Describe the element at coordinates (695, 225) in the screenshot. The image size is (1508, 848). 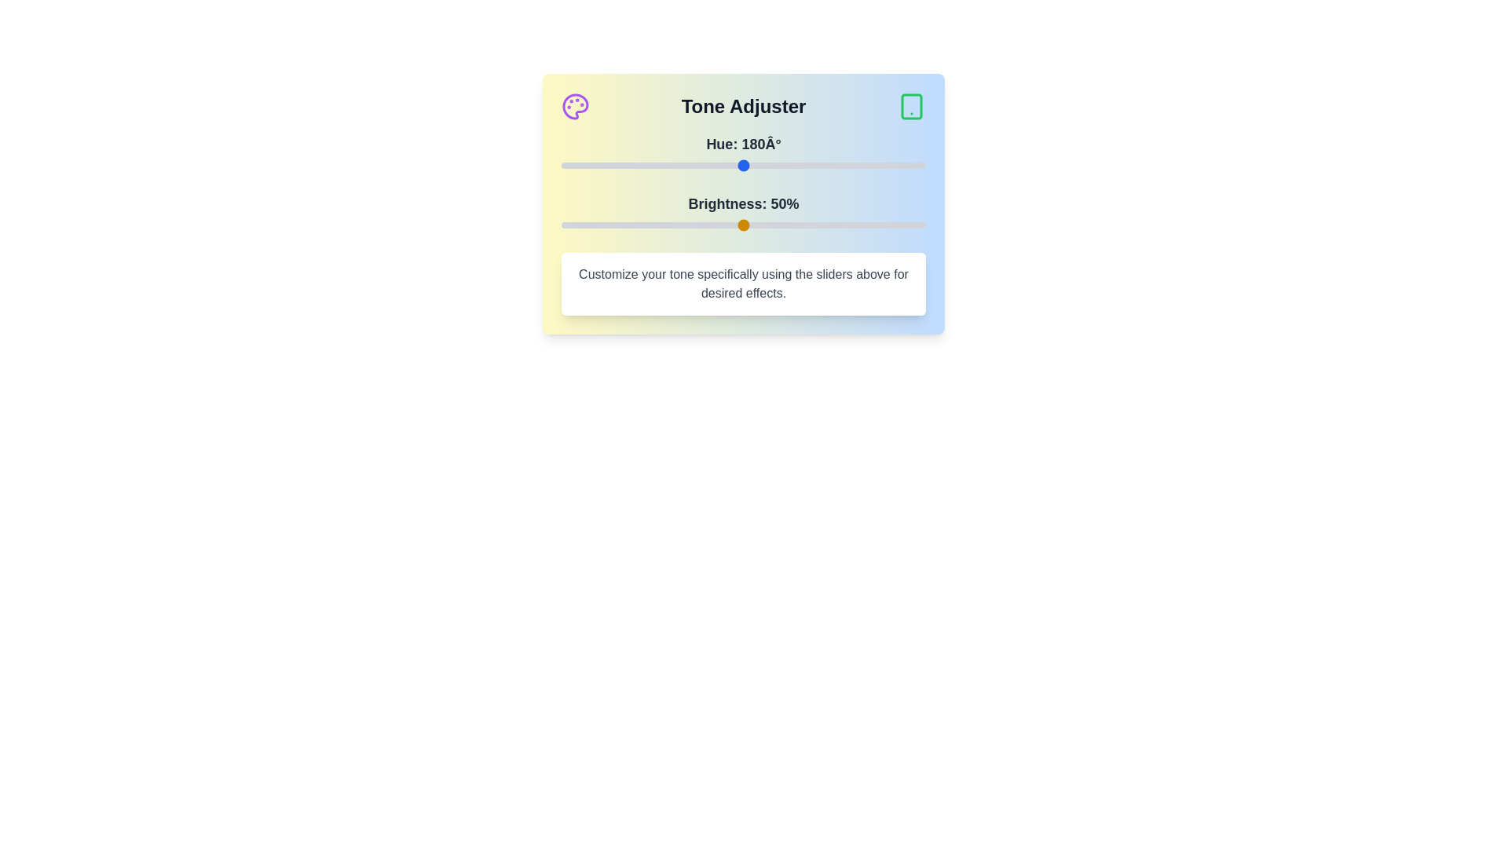
I see `the brightness slider to 37%` at that location.